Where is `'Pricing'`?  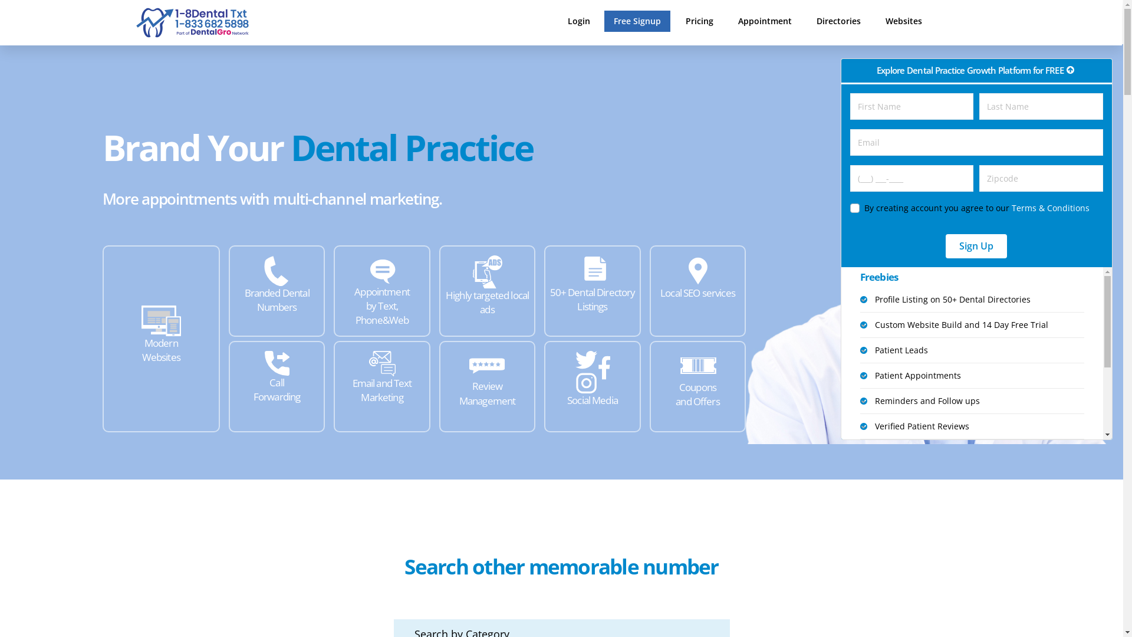
'Pricing' is located at coordinates (699, 21).